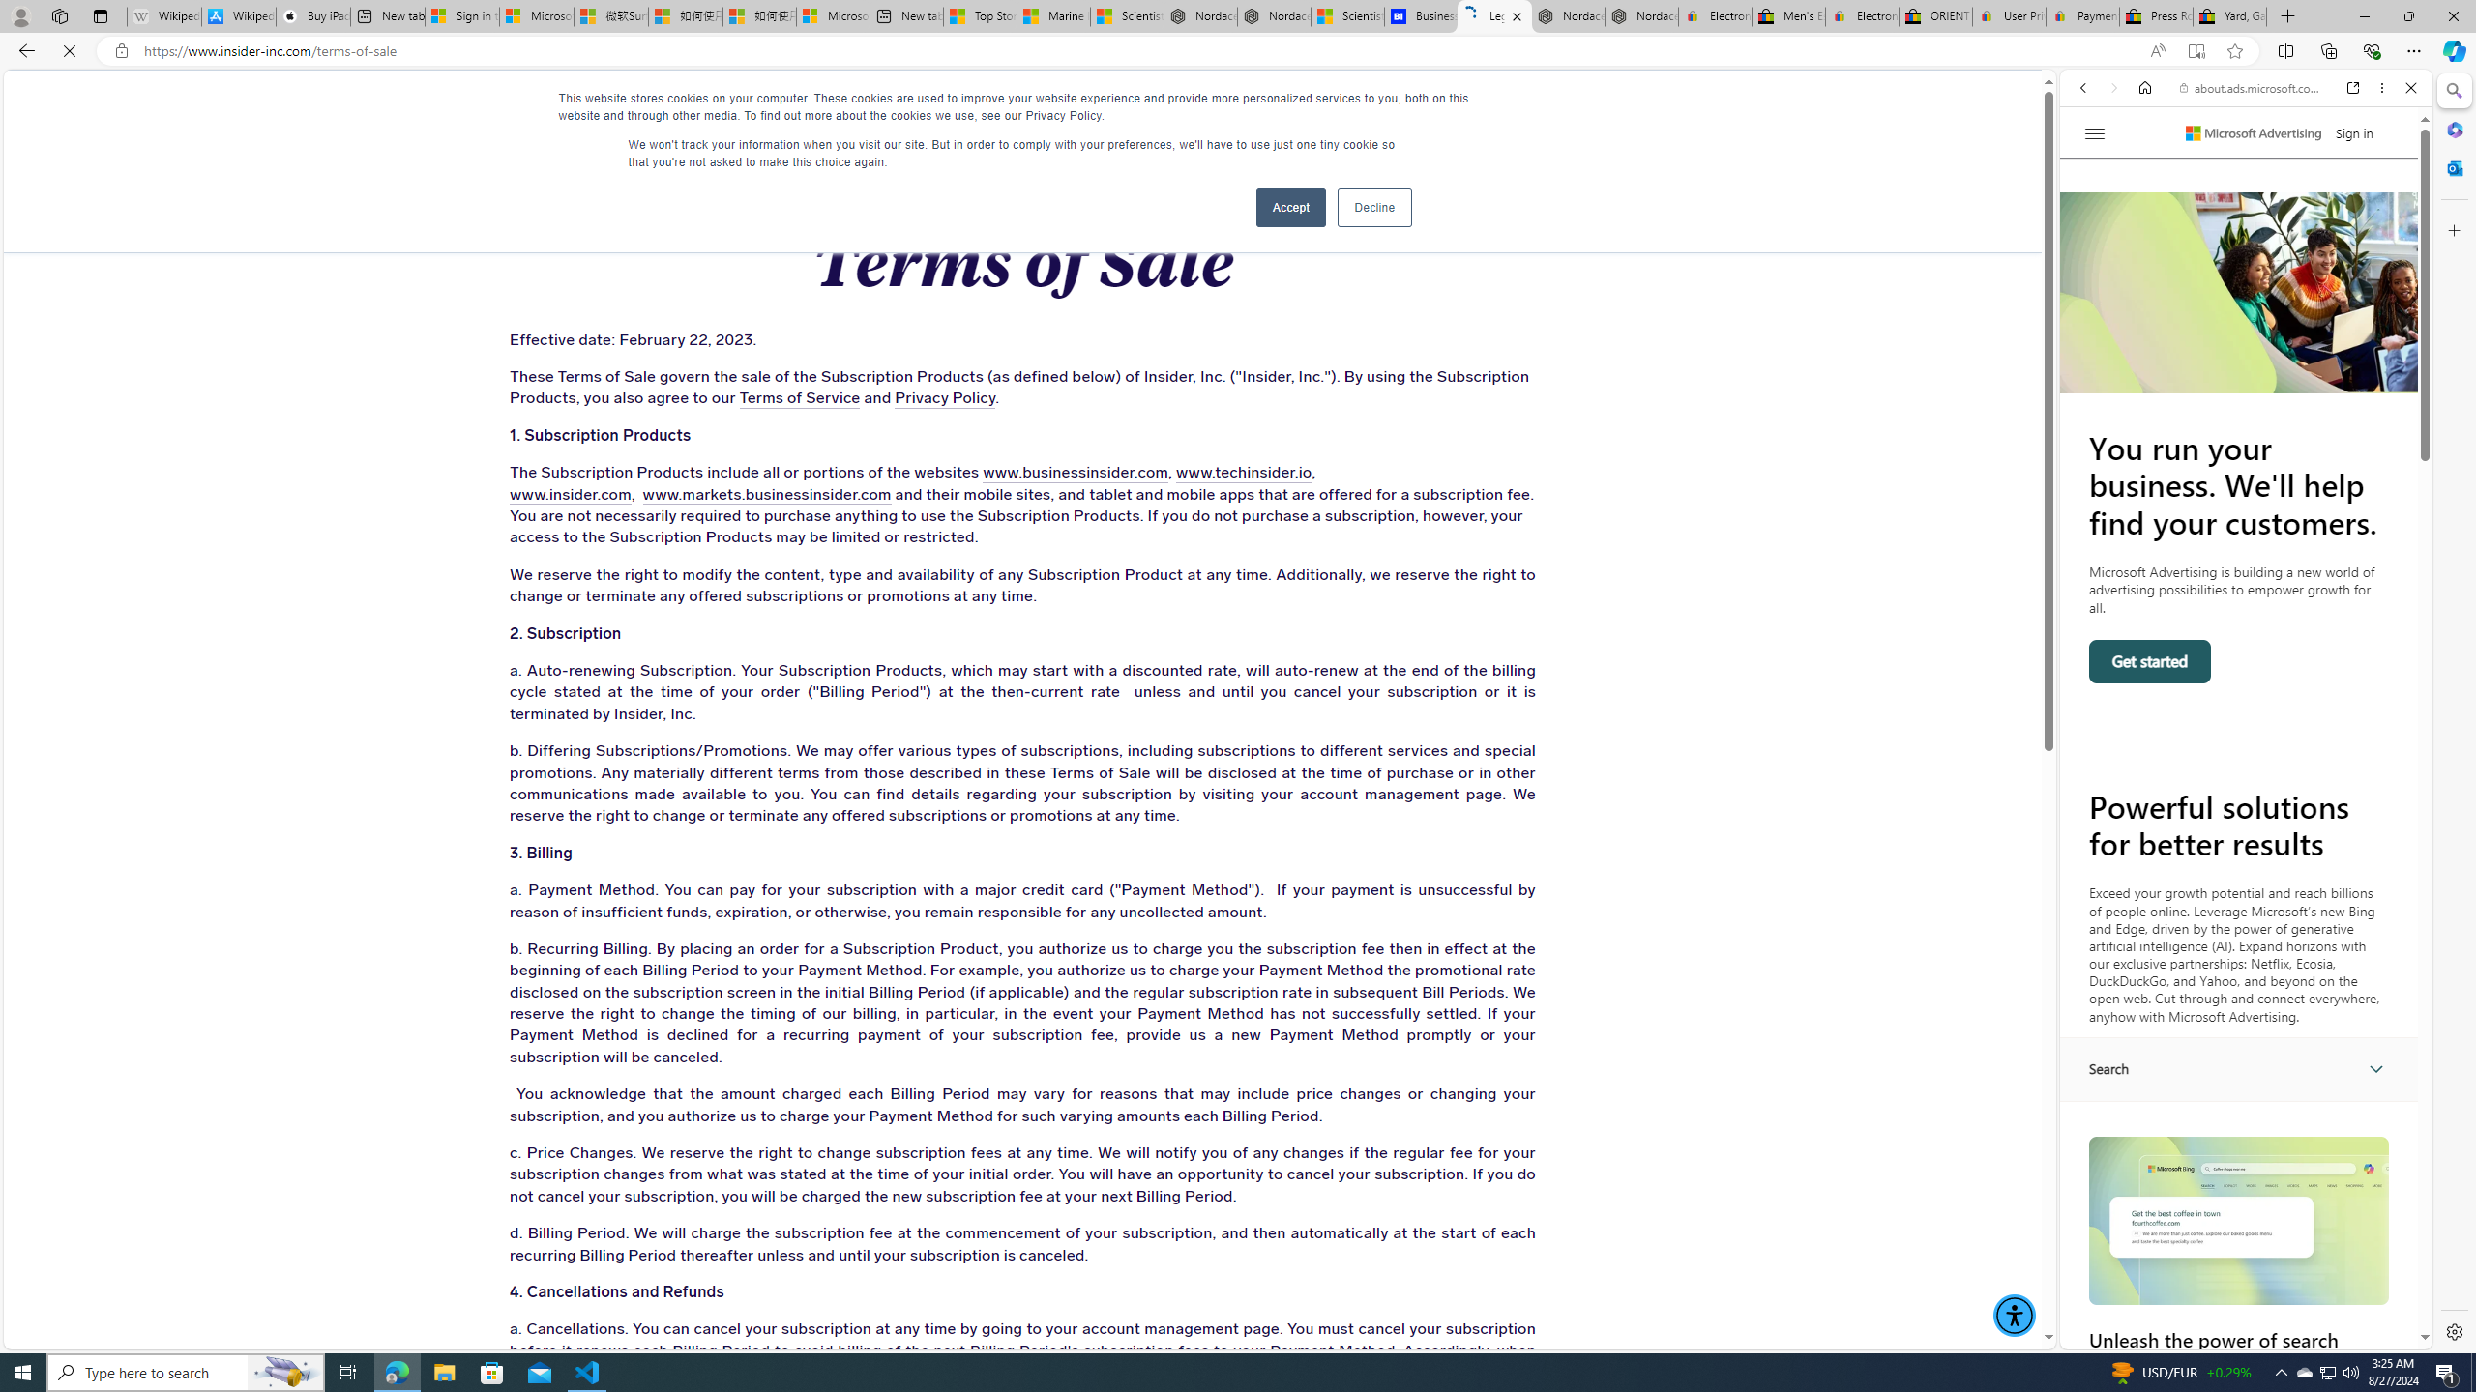 The width and height of the screenshot is (2476, 1392). What do you see at coordinates (1171, 473) in the screenshot?
I see `'www.techinsider.io'` at bounding box center [1171, 473].